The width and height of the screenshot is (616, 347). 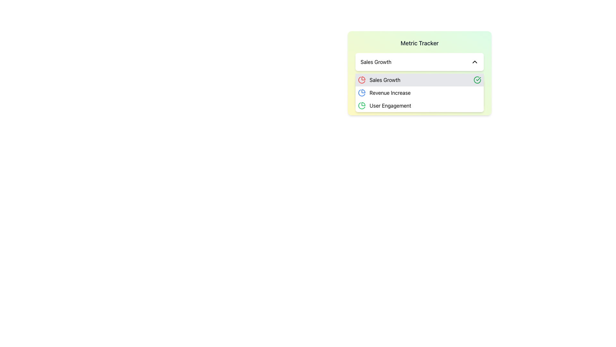 What do you see at coordinates (362, 93) in the screenshot?
I see `the 'Revenue Increase' icon, which is located at the start of the second row in the 'Metric Tracker' list` at bounding box center [362, 93].